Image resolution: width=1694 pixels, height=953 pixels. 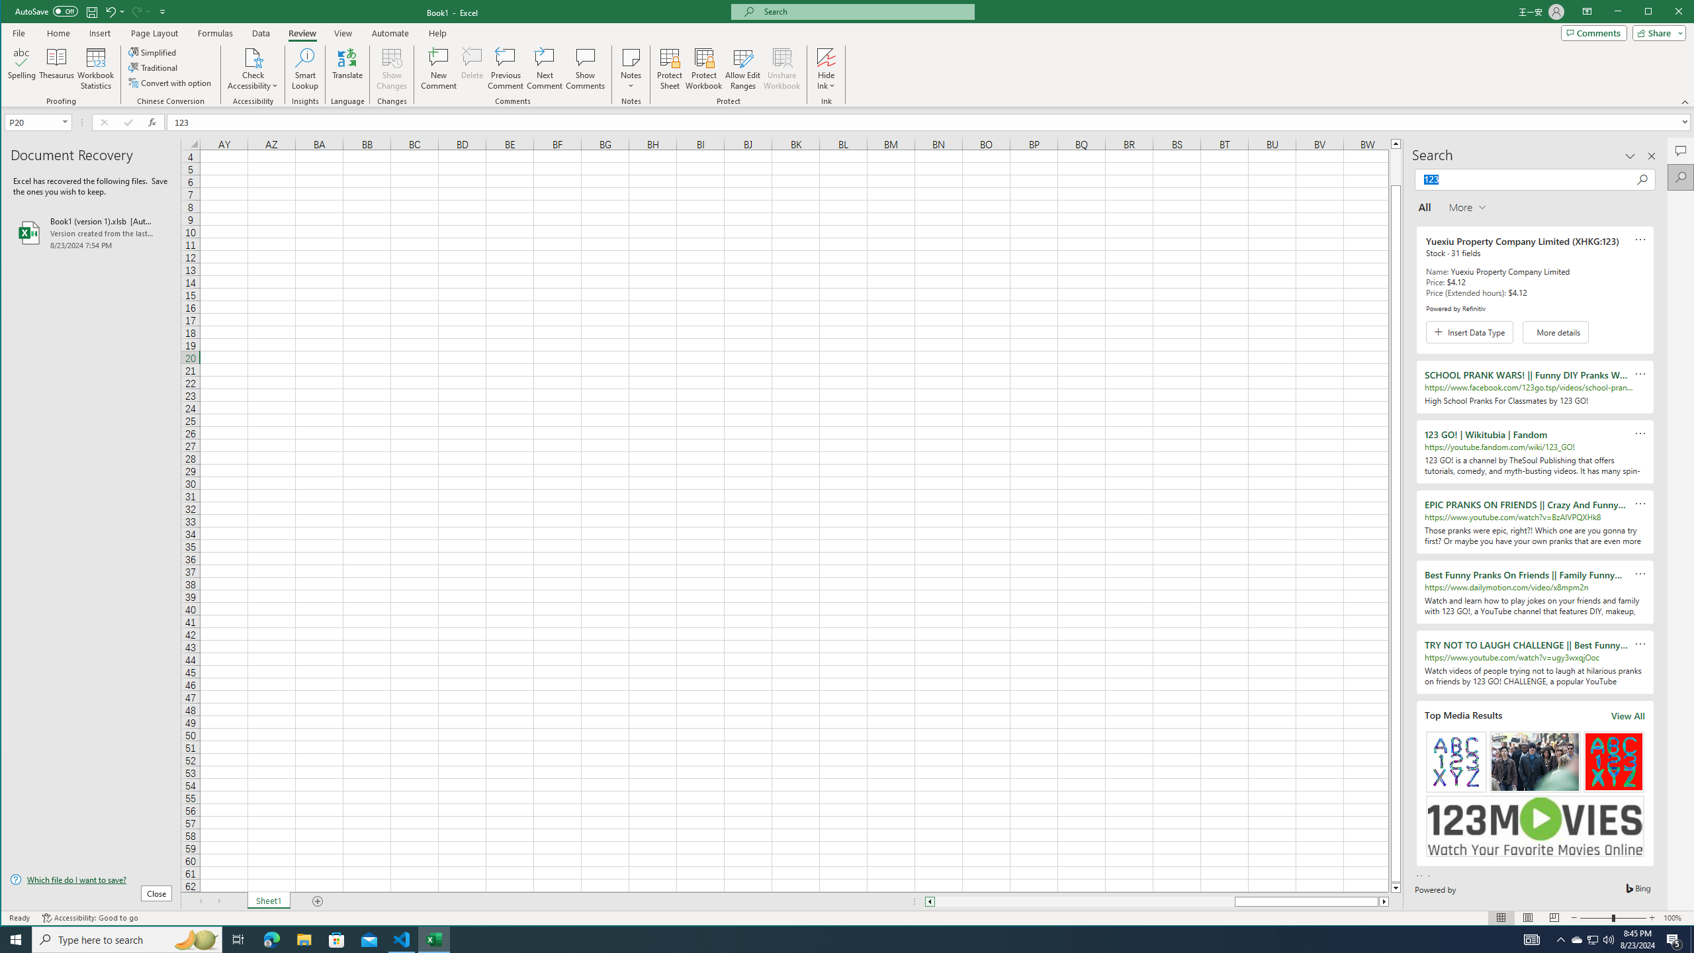 I want to click on 'Column left', so click(x=928, y=901).